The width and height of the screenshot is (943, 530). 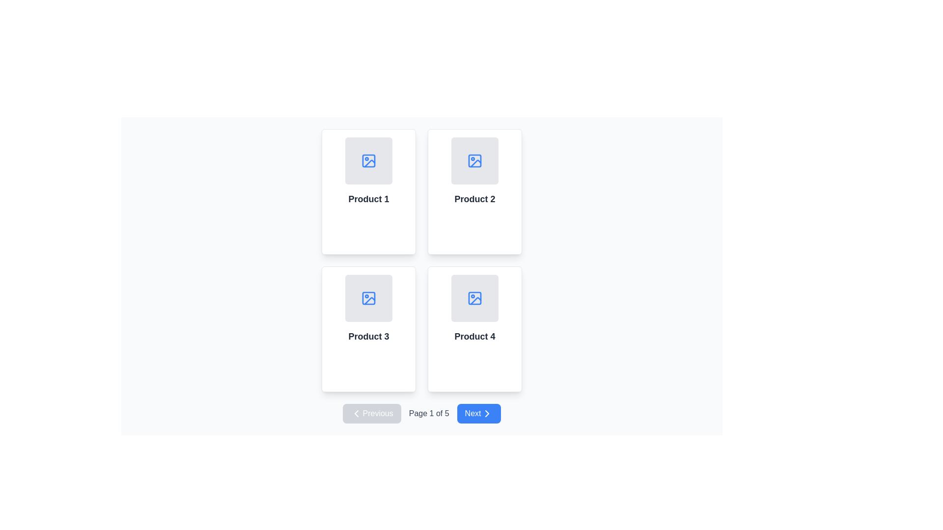 What do you see at coordinates (368, 298) in the screenshot?
I see `the decorative square outline element indicating a missing image in the panel for 'Product 3'` at bounding box center [368, 298].